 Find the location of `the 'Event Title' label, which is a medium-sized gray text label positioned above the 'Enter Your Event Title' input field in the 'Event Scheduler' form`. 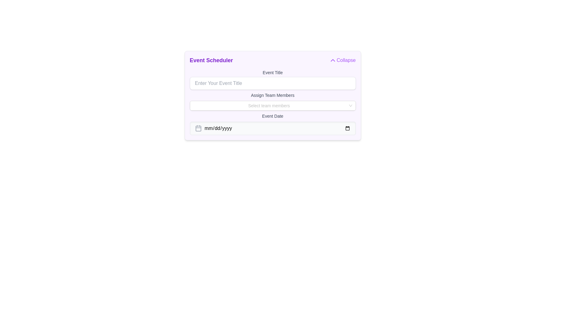

the 'Event Title' label, which is a medium-sized gray text label positioned above the 'Enter Your Event Title' input field in the 'Event Scheduler' form is located at coordinates (272, 72).